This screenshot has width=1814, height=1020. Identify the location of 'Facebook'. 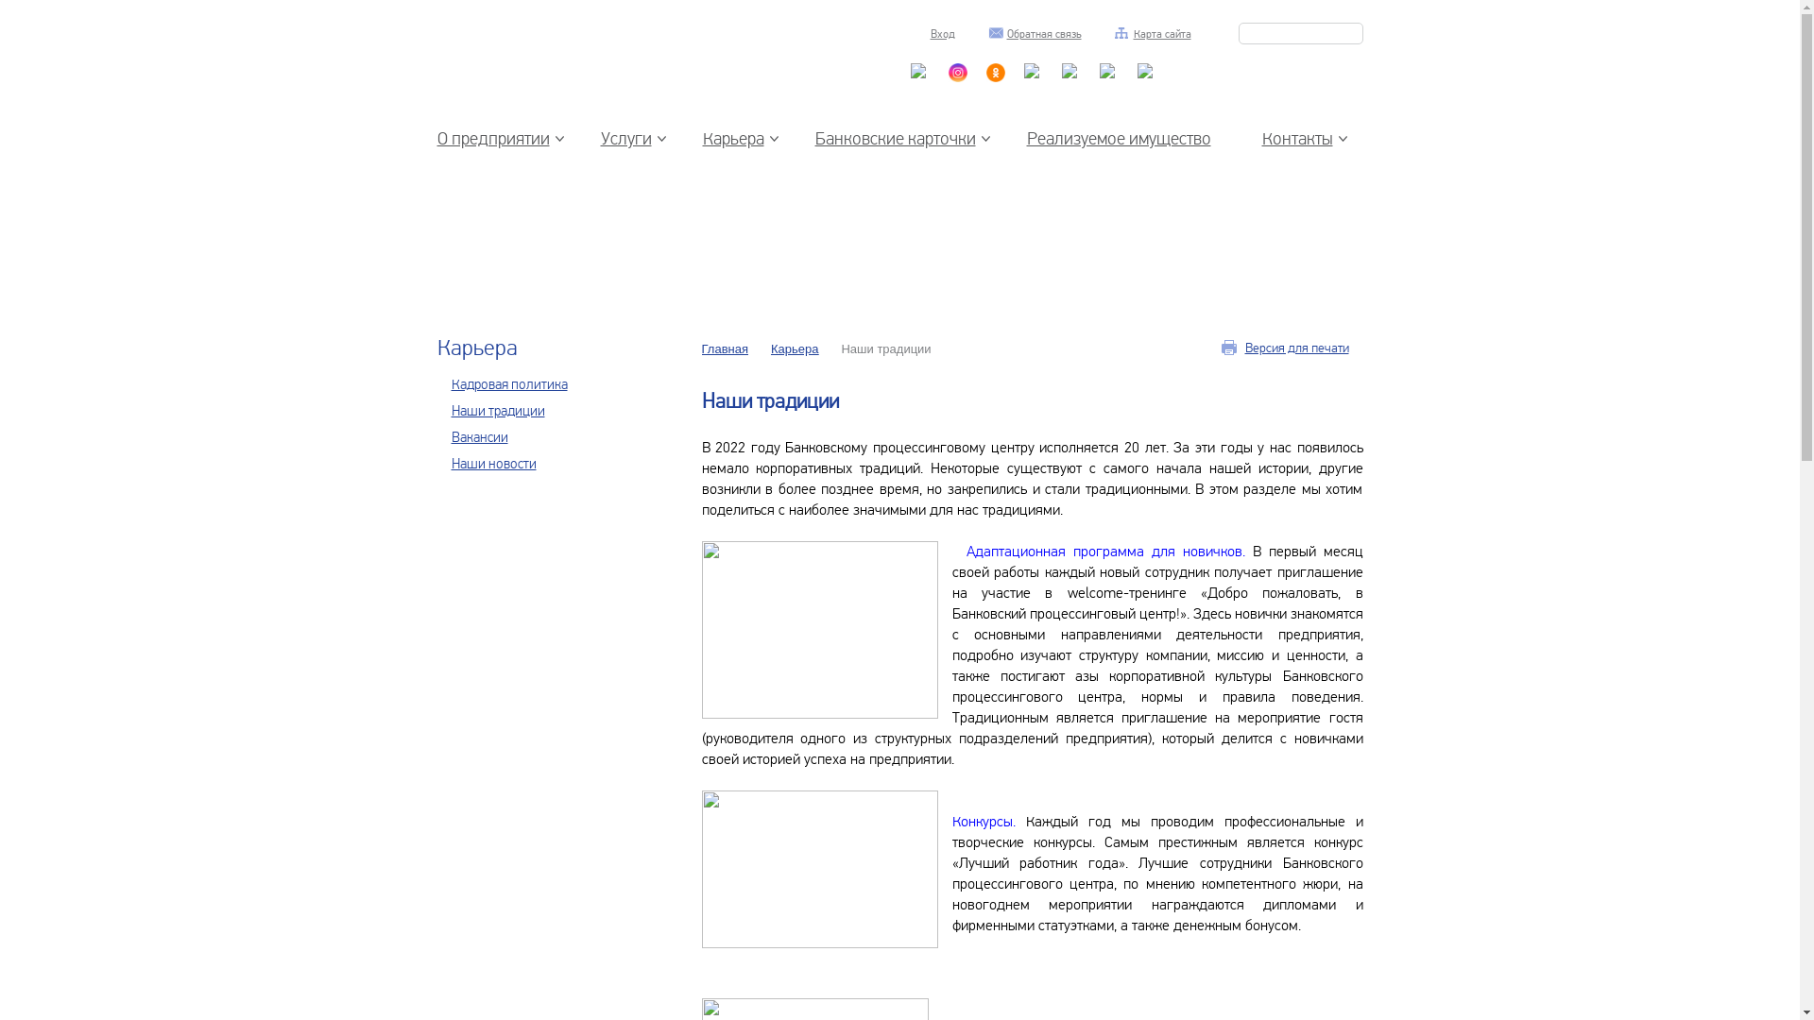
(1070, 88).